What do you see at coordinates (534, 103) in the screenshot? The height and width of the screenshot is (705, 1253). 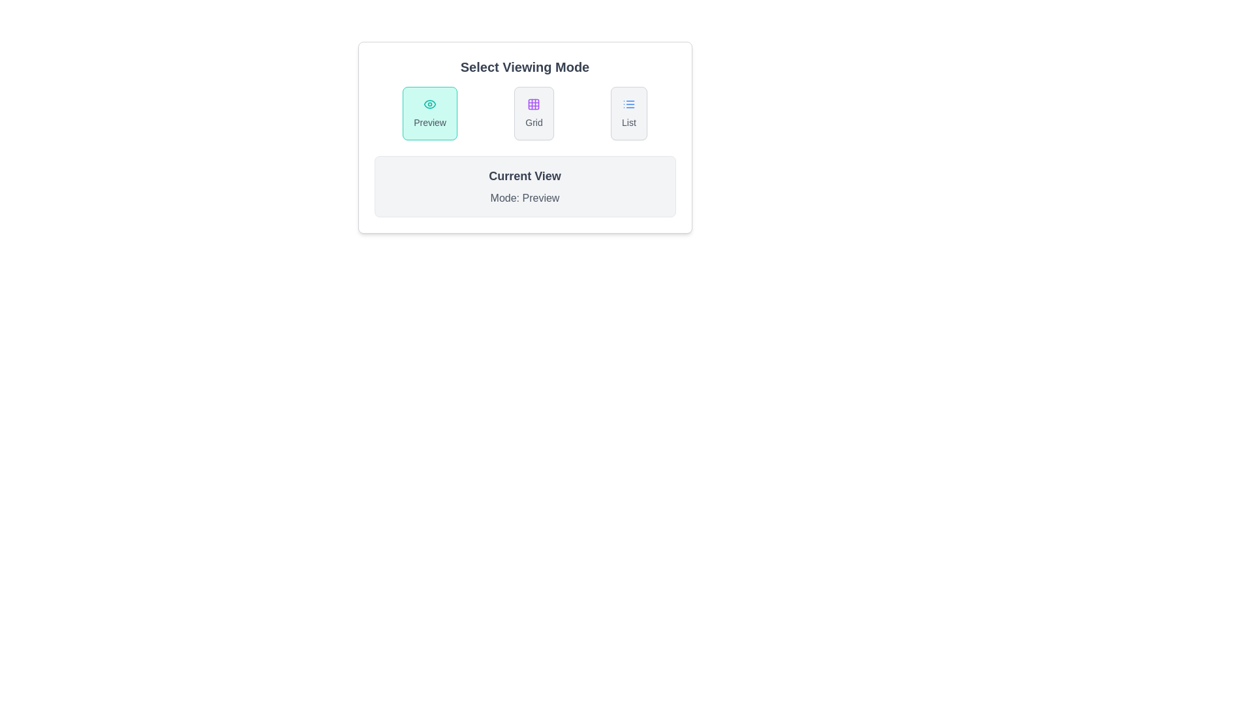 I see `the grid layout icon located in the center of the 'Grid' button, which is the middle button among three in the view mode selection section` at bounding box center [534, 103].